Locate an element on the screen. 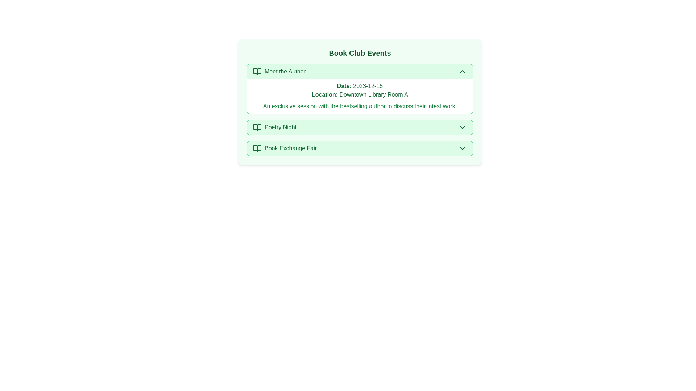 This screenshot has width=696, height=391. the 'Book Exchange Fair' button located in the 'Book Club Events' section is located at coordinates (360, 148).